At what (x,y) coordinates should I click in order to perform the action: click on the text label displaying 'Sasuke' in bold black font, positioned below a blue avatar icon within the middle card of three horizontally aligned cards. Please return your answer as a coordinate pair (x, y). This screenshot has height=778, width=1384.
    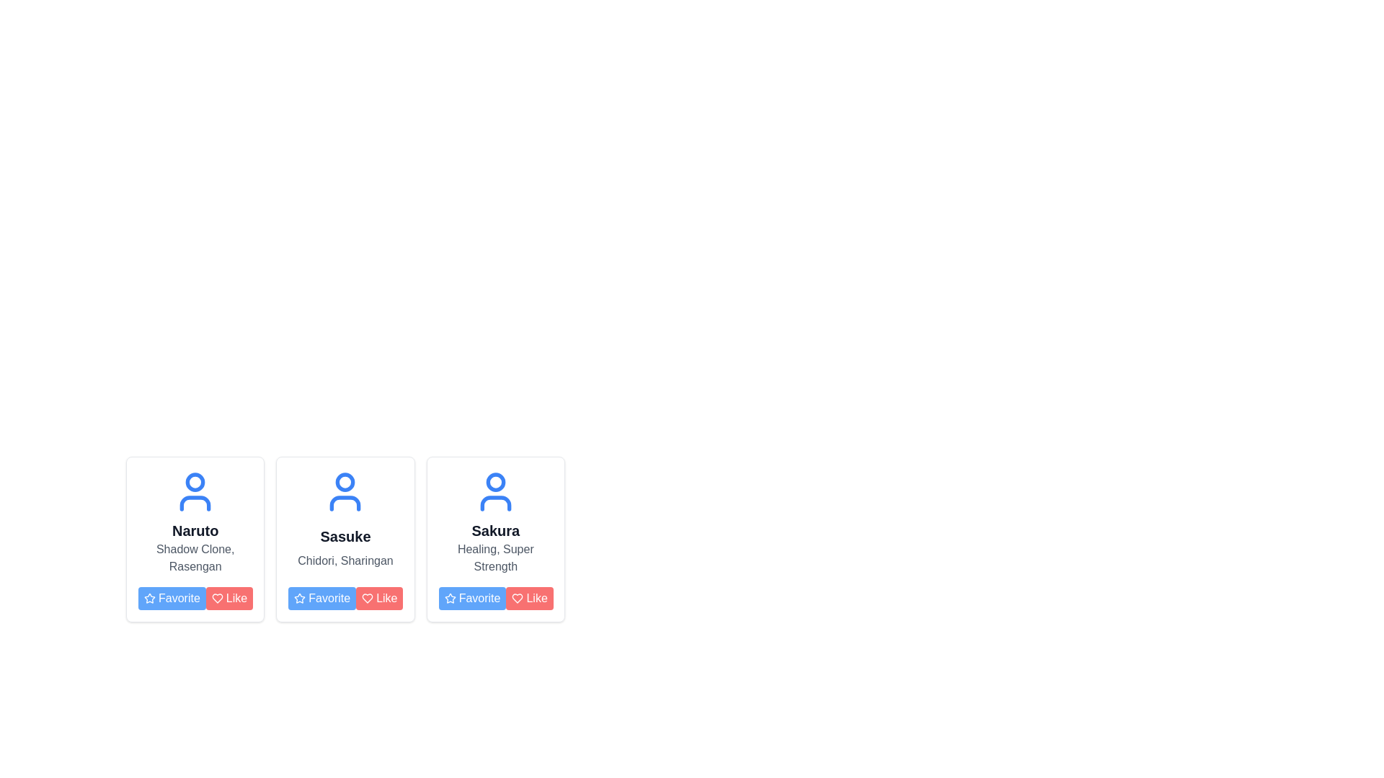
    Looking at the image, I should click on (345, 536).